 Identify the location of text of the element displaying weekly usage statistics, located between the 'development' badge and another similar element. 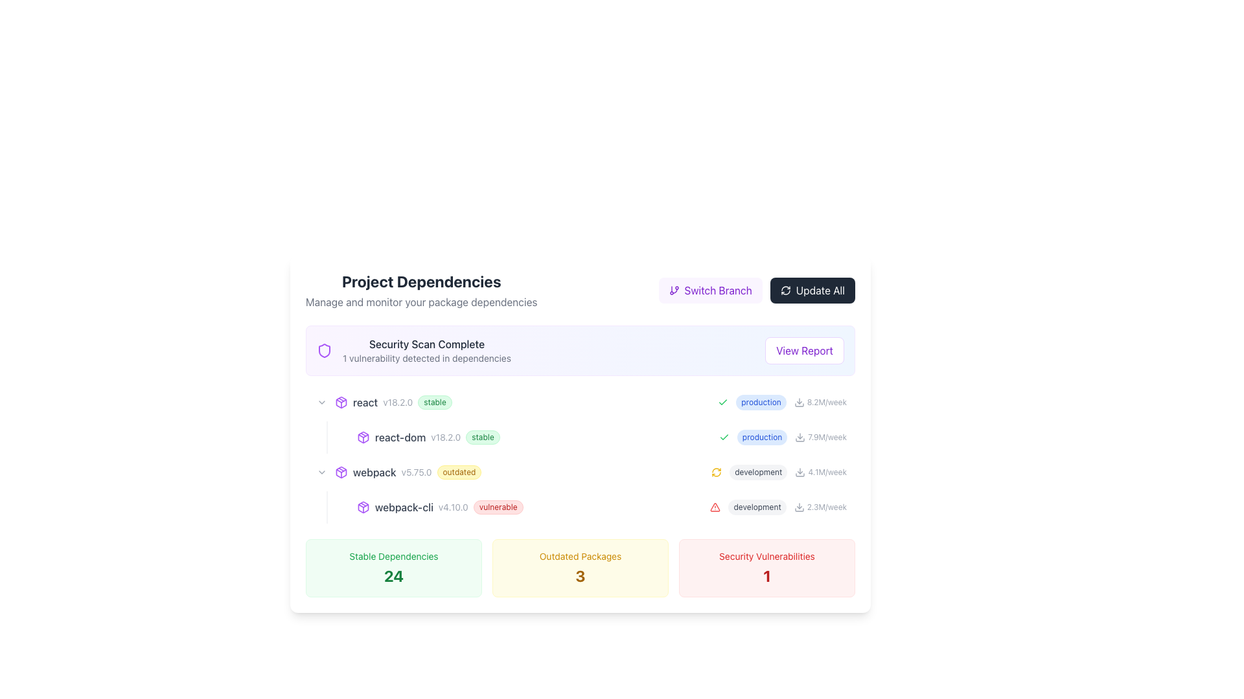
(820, 472).